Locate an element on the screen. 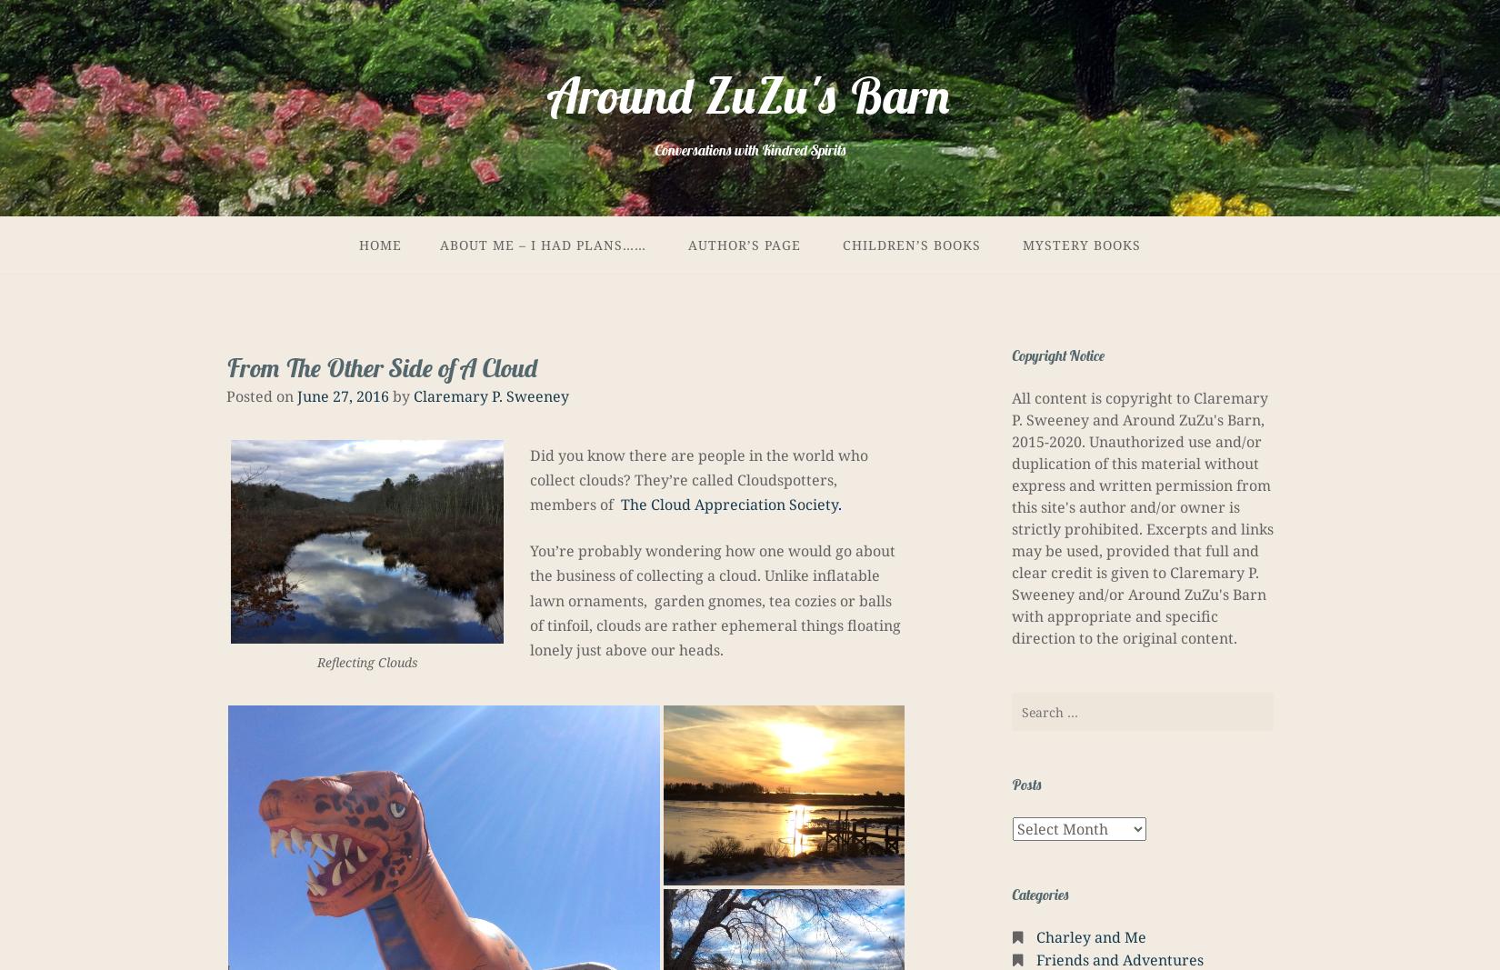 This screenshot has height=970, width=1500. 'Did you know there are people in the world who collect clouds? They’re called Cloudspotters, members of' is located at coordinates (528, 478).